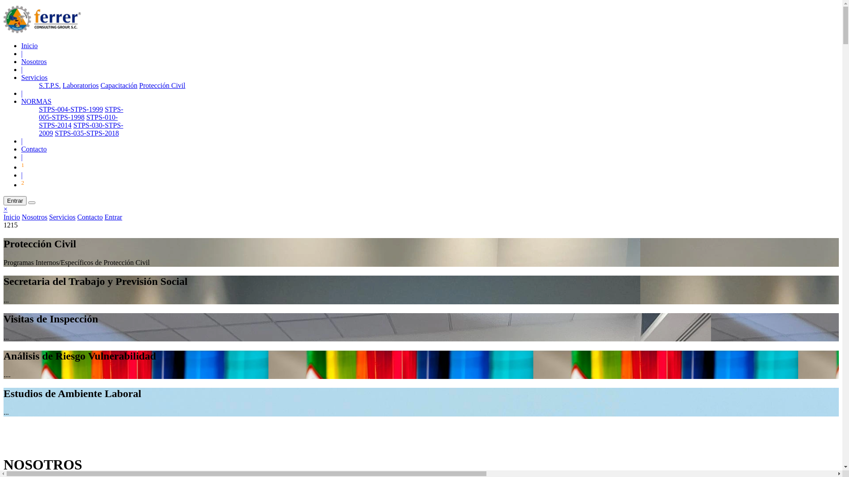  What do you see at coordinates (34, 148) in the screenshot?
I see `'Contacto'` at bounding box center [34, 148].